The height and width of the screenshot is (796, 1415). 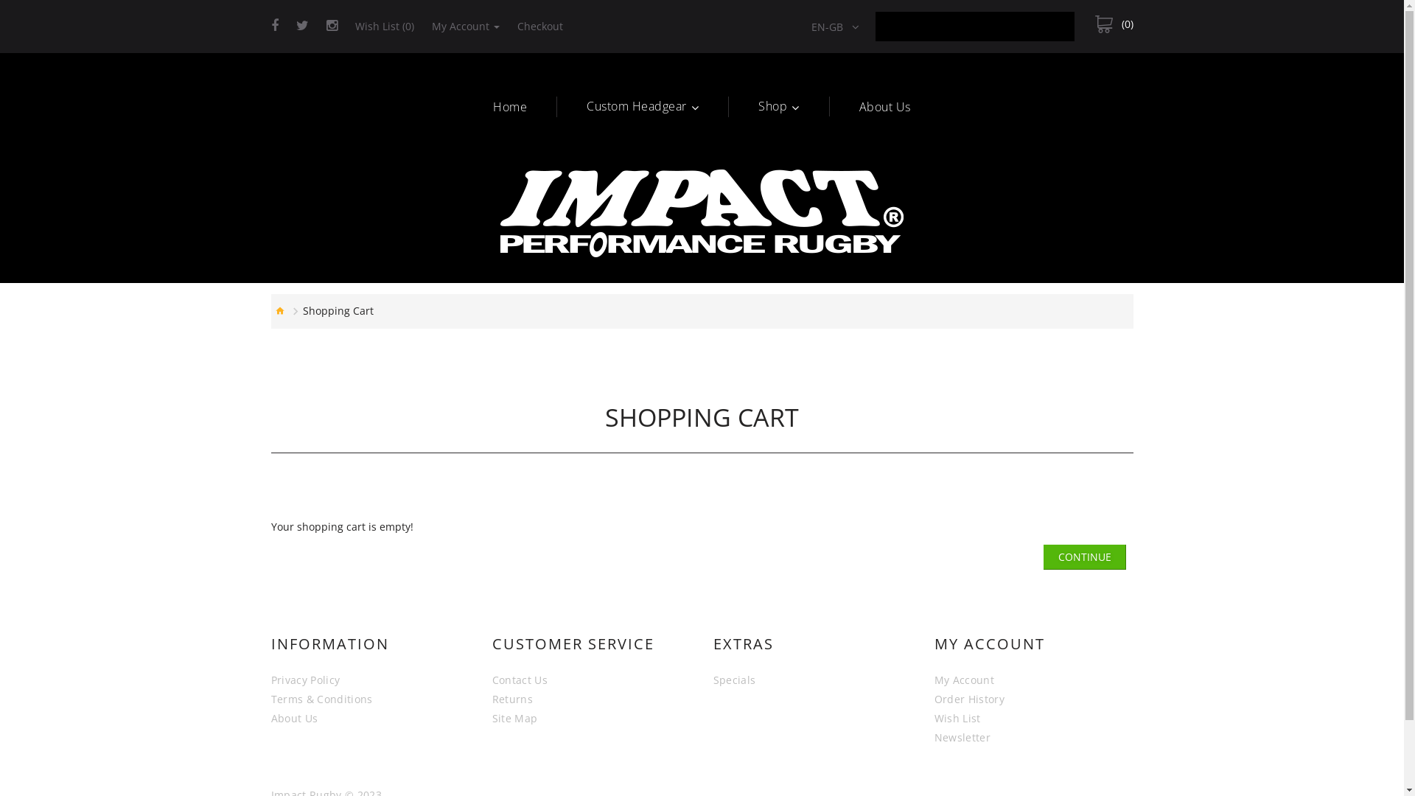 I want to click on 'Privacy Policy', so click(x=304, y=680).